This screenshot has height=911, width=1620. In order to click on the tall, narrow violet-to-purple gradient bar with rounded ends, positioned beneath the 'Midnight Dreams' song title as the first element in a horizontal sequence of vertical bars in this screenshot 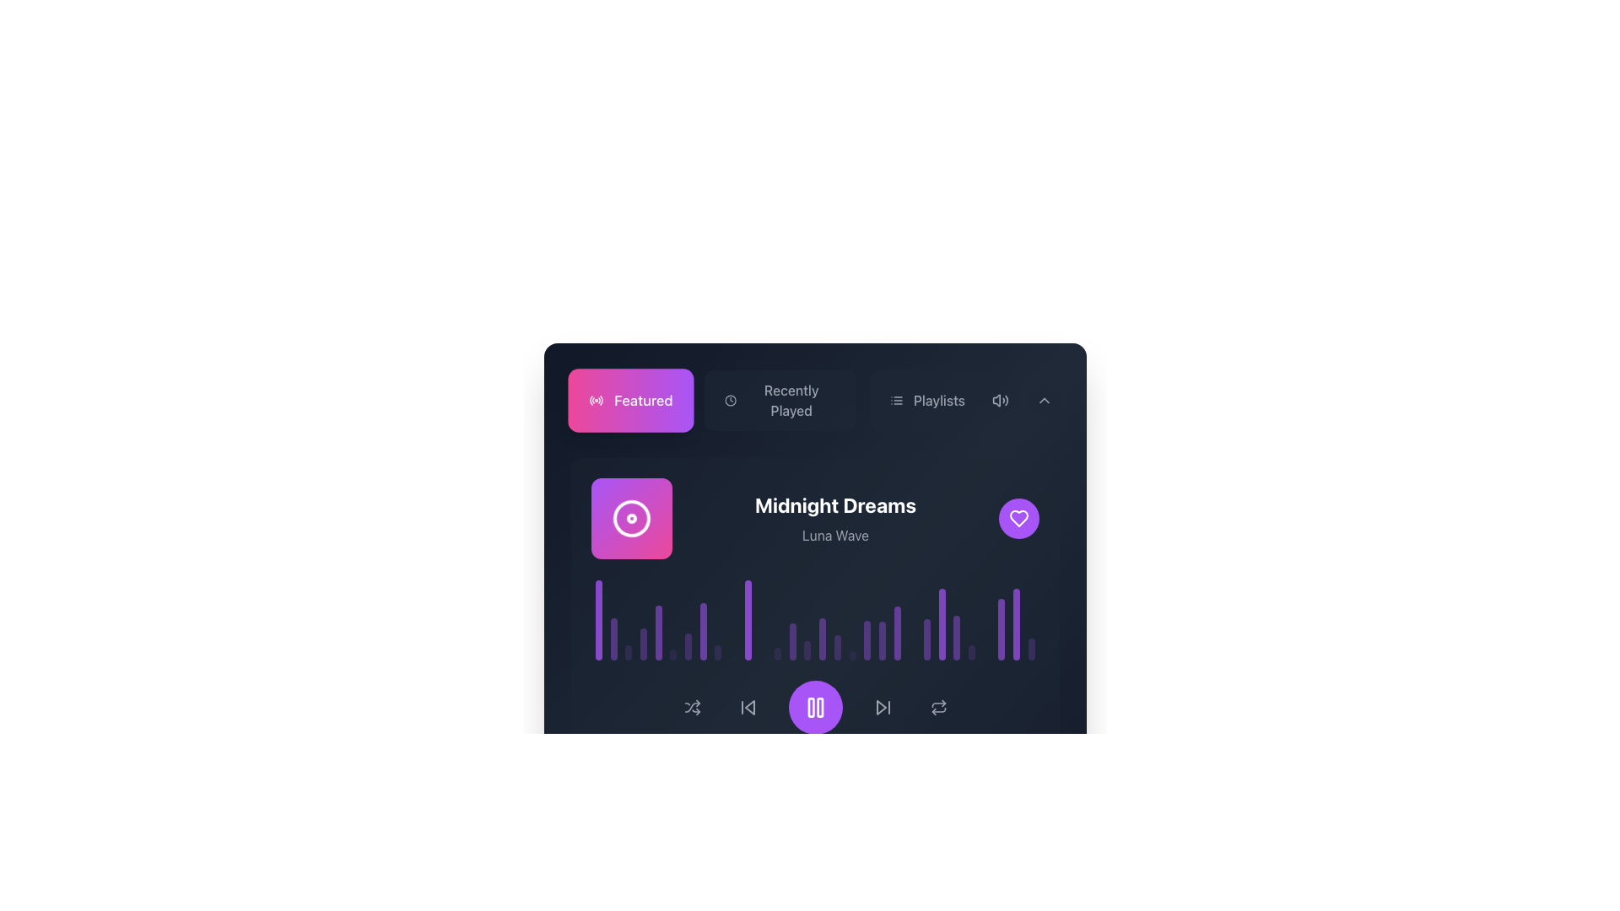, I will do `click(598, 620)`.